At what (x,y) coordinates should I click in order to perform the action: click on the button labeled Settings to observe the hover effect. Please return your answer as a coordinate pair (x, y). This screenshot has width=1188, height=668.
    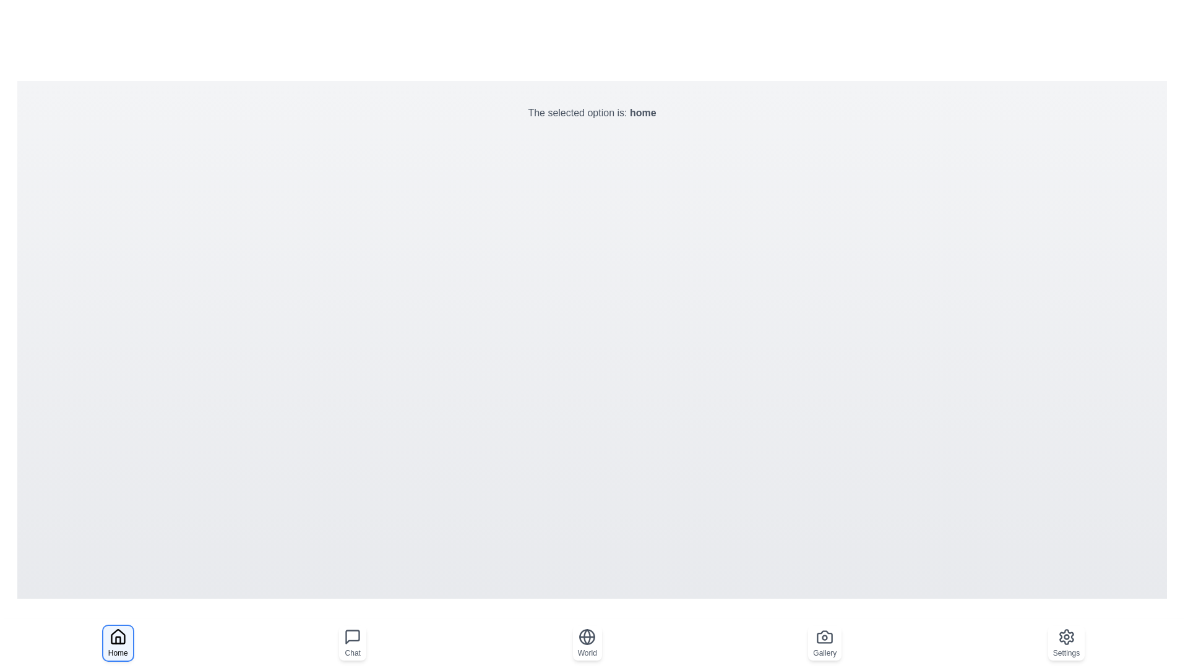
    Looking at the image, I should click on (1065, 643).